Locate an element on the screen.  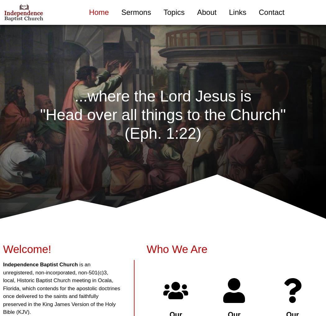
'About' is located at coordinates (197, 12).